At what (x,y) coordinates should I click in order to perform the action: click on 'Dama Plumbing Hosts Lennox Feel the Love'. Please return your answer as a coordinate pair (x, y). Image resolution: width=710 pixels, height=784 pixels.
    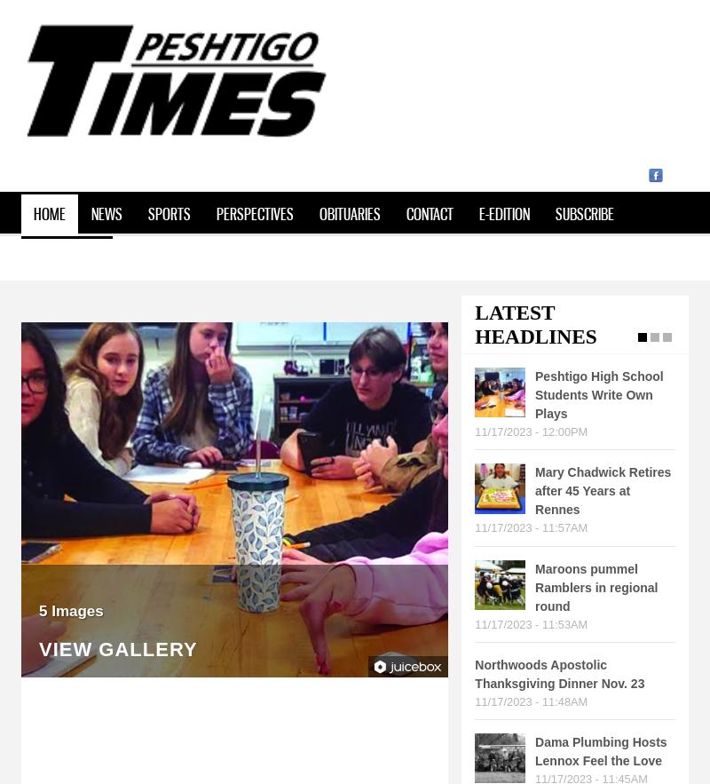
    Looking at the image, I should click on (600, 751).